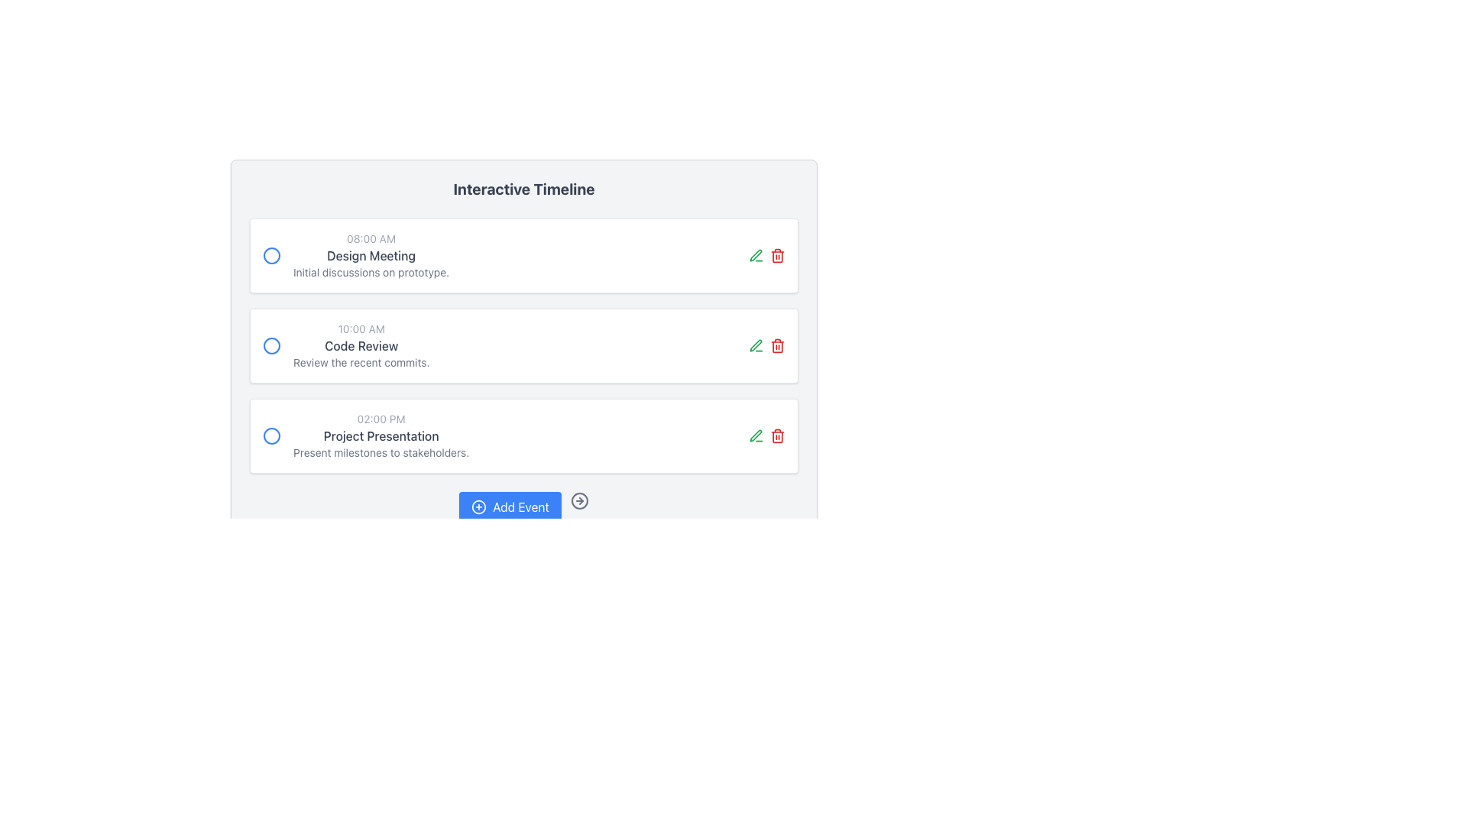 Image resolution: width=1467 pixels, height=825 pixels. I want to click on the blue circular outline of the SVG Ellipse positioned to the left of the '08:00 AM Design Meeting' event in the timeline, so click(271, 255).